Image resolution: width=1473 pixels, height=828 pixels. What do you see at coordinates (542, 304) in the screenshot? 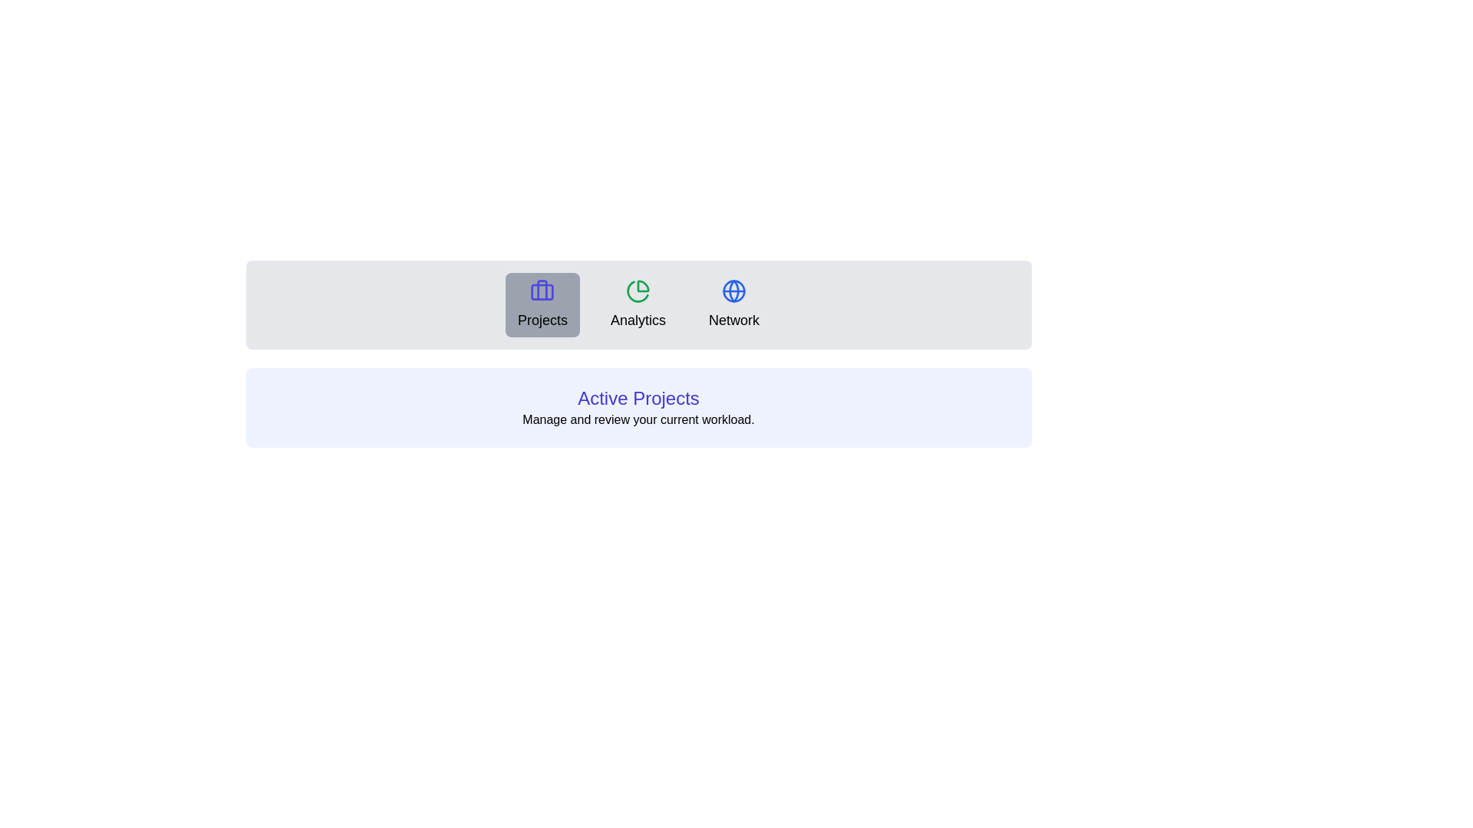
I see `the tab labeled Projects to observe the style and content changes` at bounding box center [542, 304].